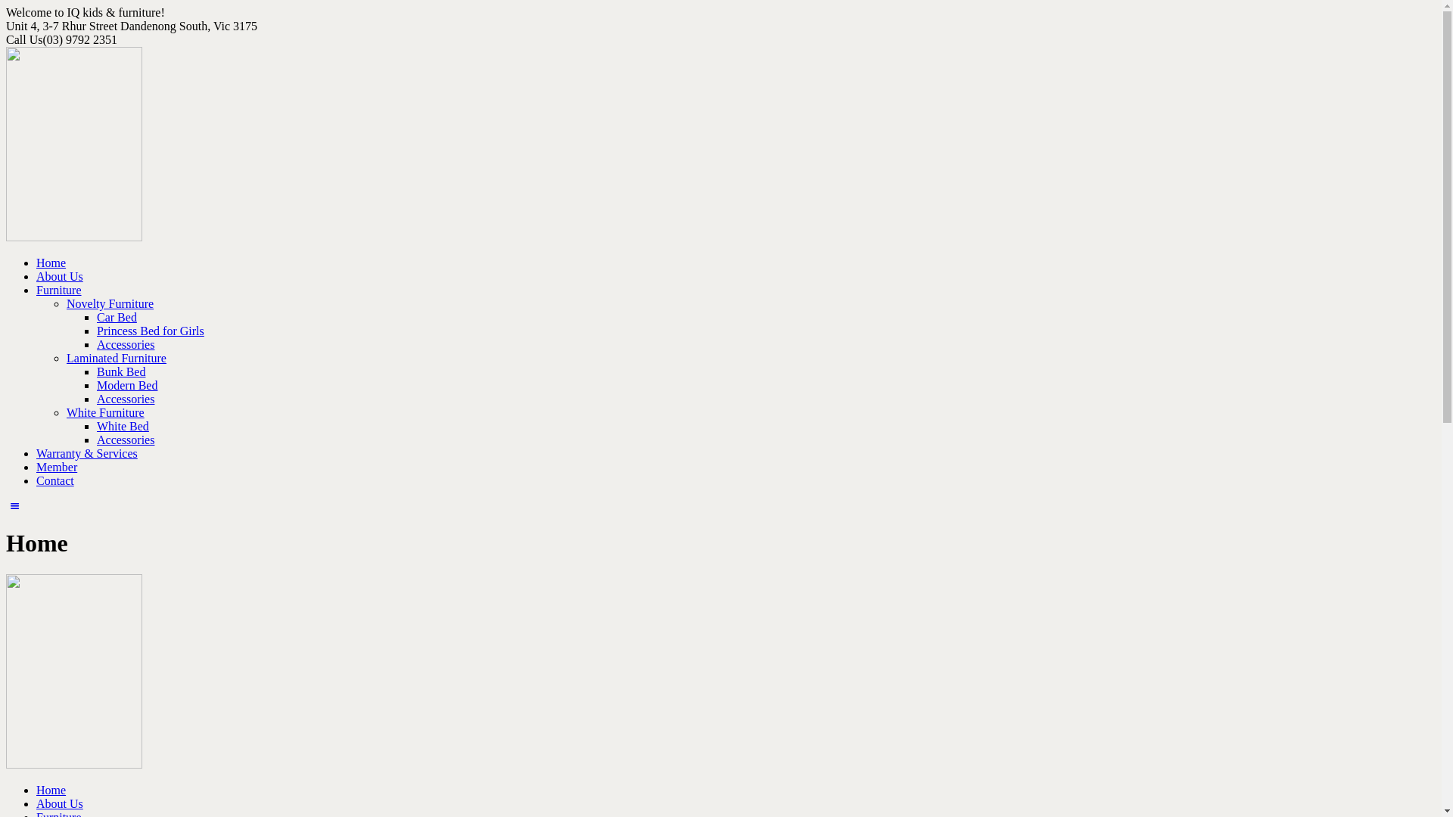  What do you see at coordinates (57, 466) in the screenshot?
I see `'Member'` at bounding box center [57, 466].